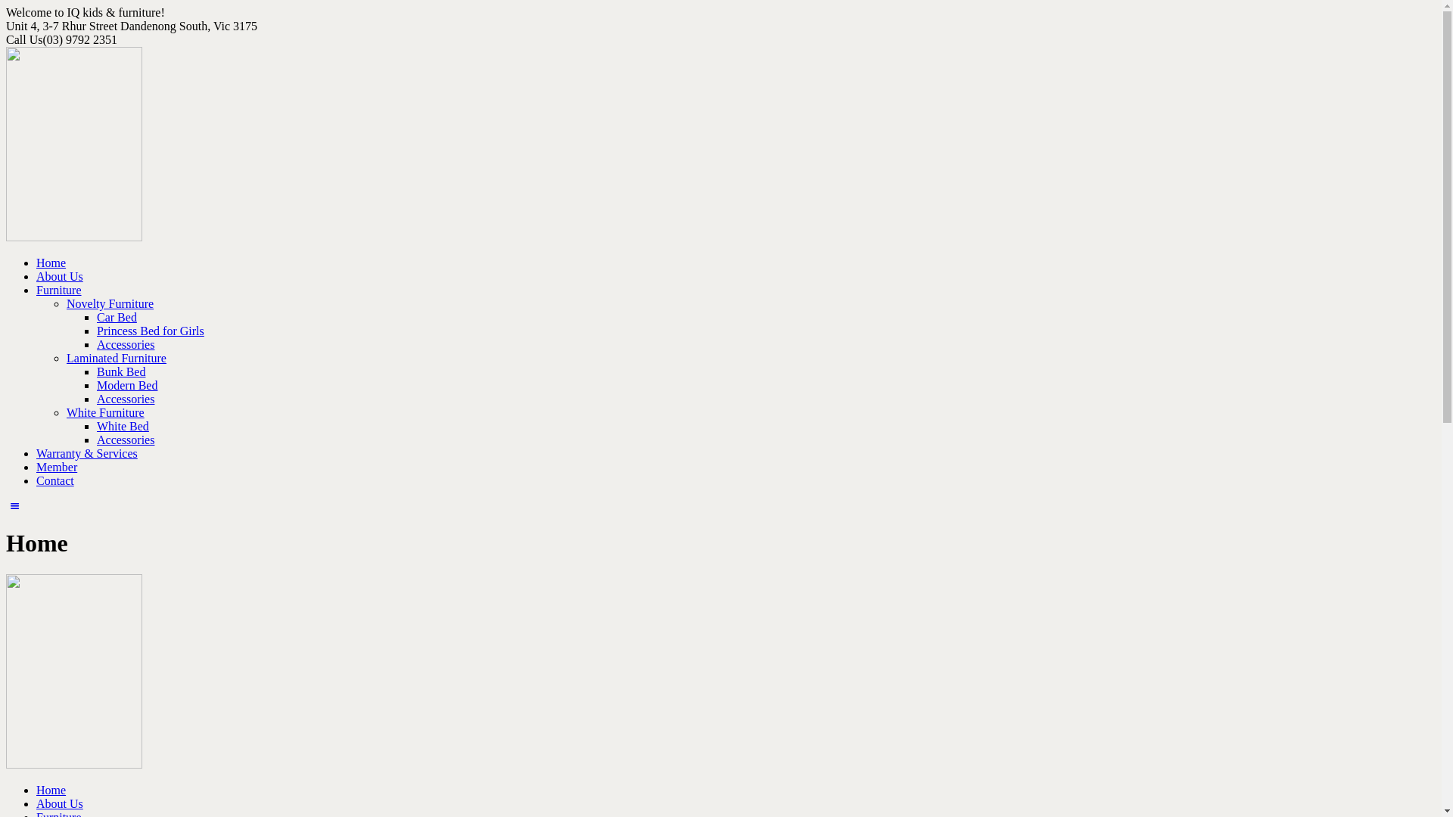  What do you see at coordinates (57, 466) in the screenshot?
I see `'Member'` at bounding box center [57, 466].